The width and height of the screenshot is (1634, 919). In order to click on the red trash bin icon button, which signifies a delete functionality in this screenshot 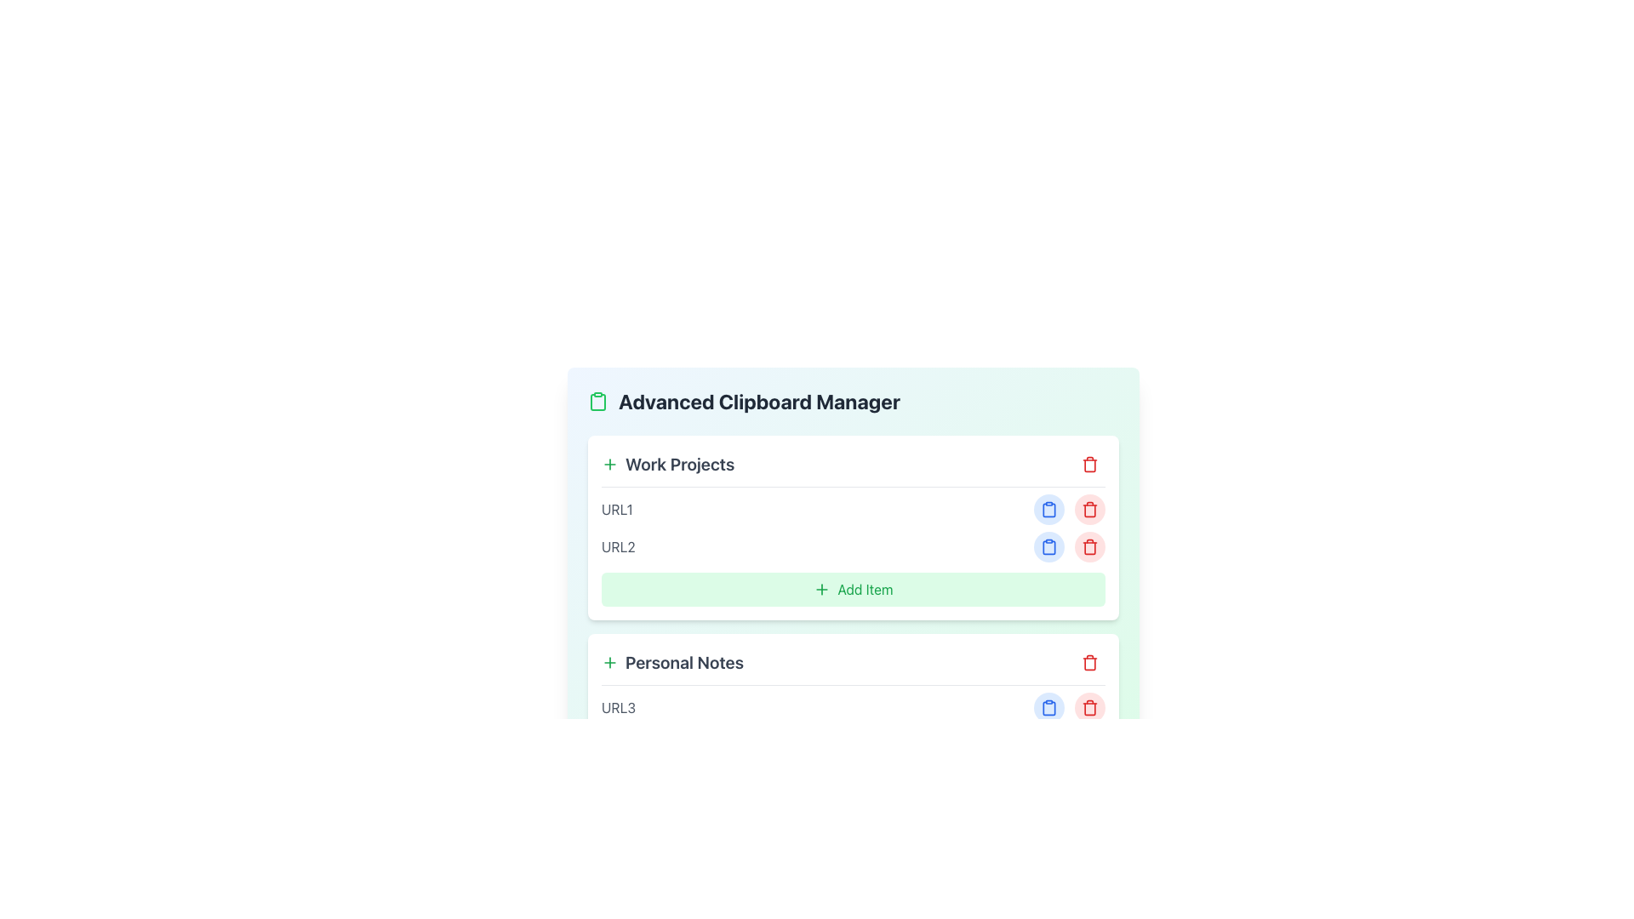, I will do `click(1090, 662)`.